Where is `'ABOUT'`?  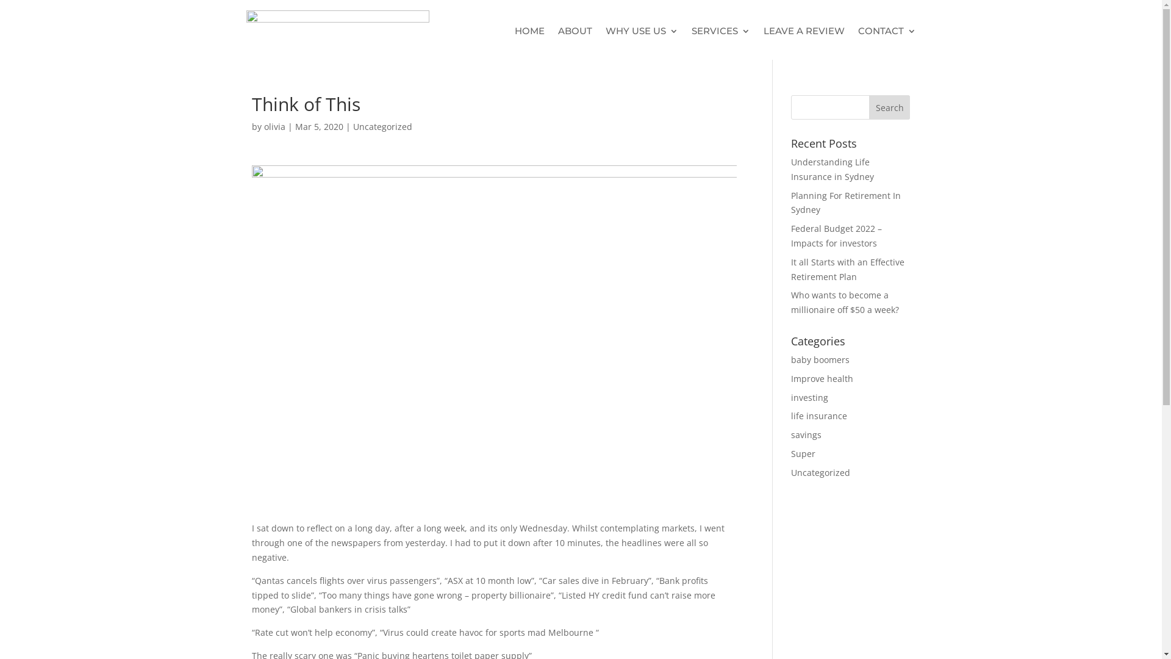 'ABOUT' is located at coordinates (573, 30).